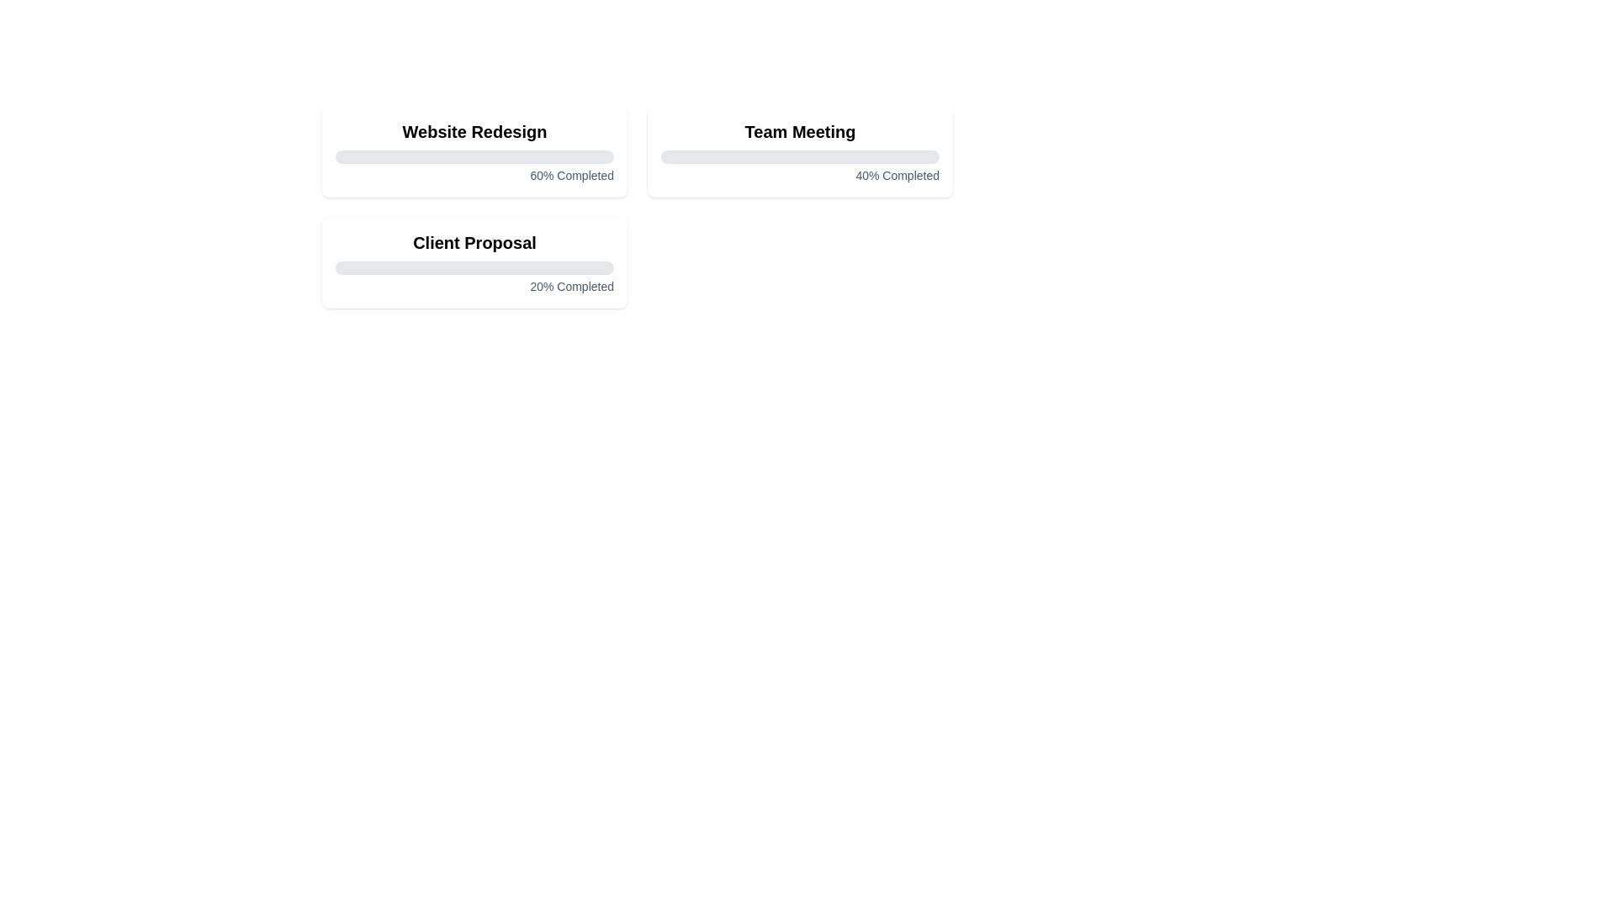  I want to click on the task title Team Meeting to select it, so click(799, 131).